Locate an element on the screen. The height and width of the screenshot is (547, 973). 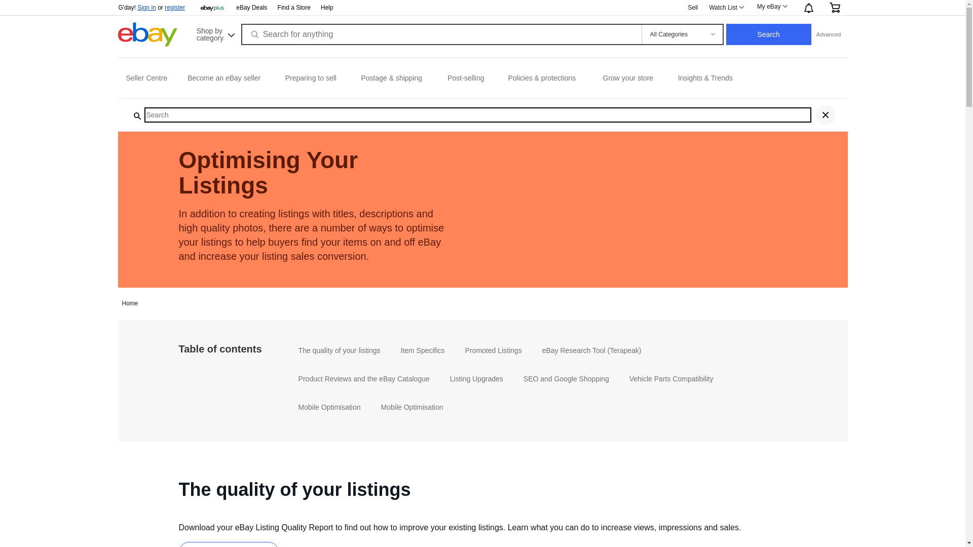
'Grow your store' is located at coordinates (627, 77).